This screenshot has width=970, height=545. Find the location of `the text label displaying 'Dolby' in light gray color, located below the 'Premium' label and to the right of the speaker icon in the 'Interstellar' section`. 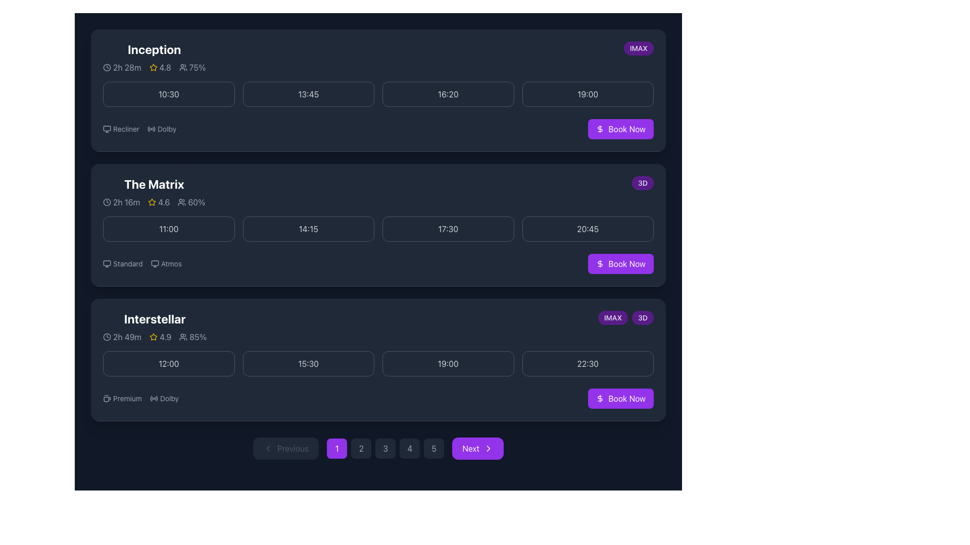

the text label displaying 'Dolby' in light gray color, located below the 'Premium' label and to the right of the speaker icon in the 'Interstellar' section is located at coordinates (169, 398).